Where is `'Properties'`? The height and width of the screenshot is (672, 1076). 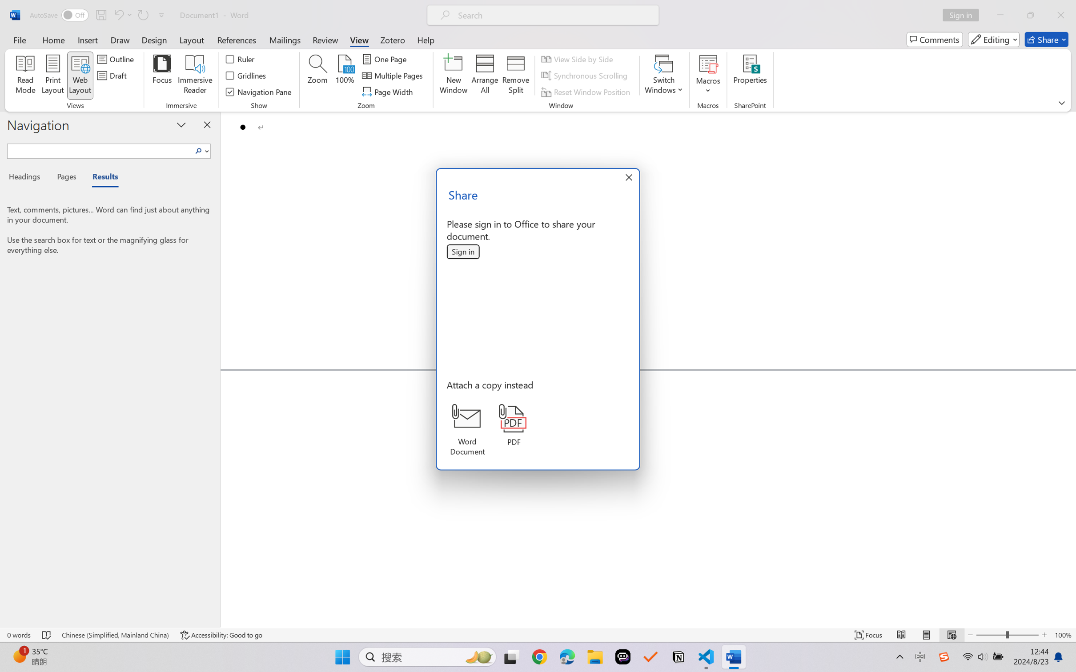
'Properties' is located at coordinates (750, 76).